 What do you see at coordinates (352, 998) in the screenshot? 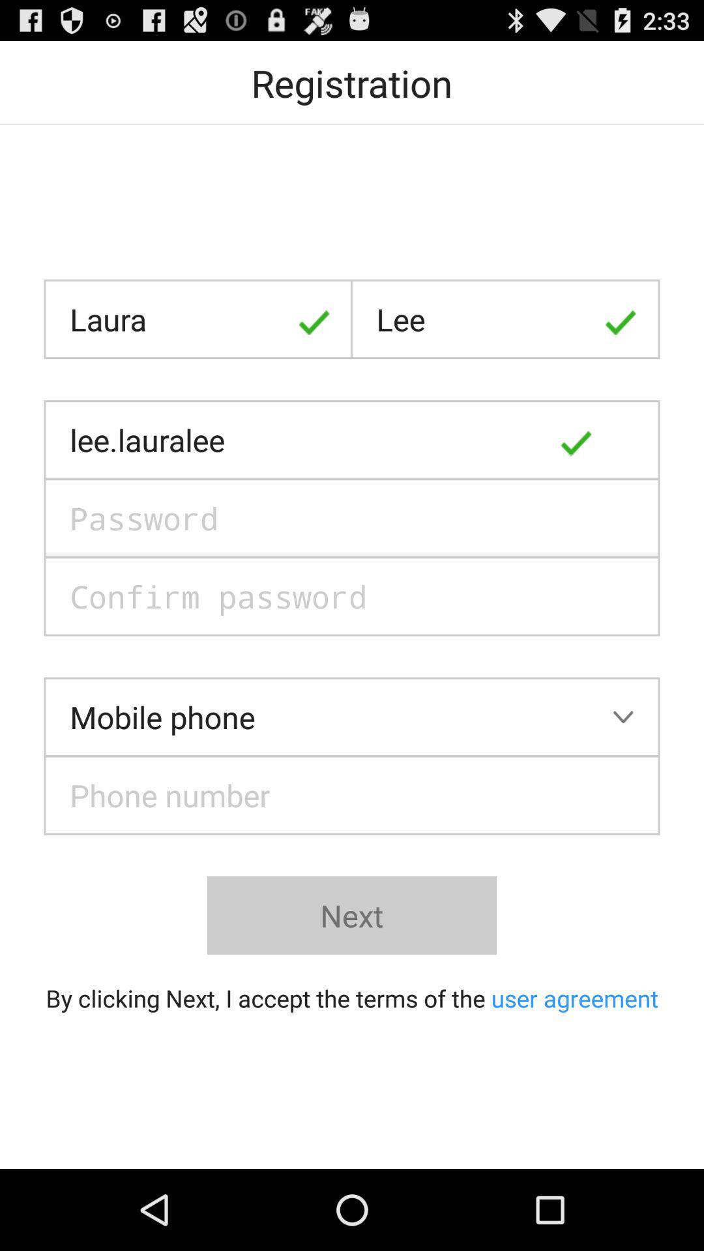
I see `button below the next item` at bounding box center [352, 998].